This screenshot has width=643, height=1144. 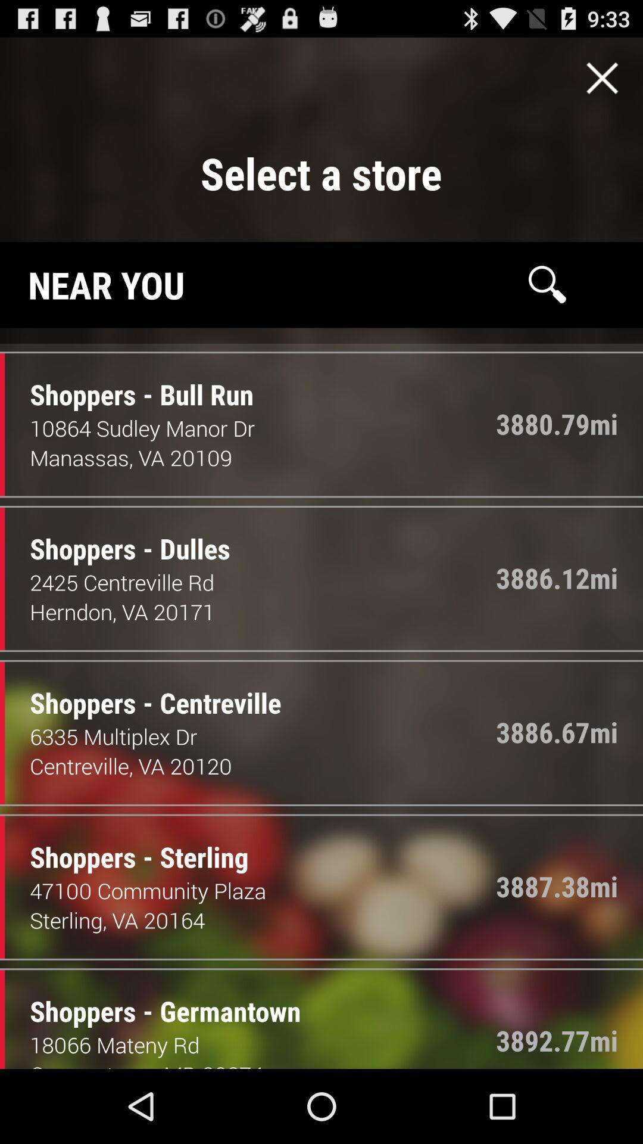 What do you see at coordinates (262, 582) in the screenshot?
I see `icon below shoppers - dulles  item` at bounding box center [262, 582].